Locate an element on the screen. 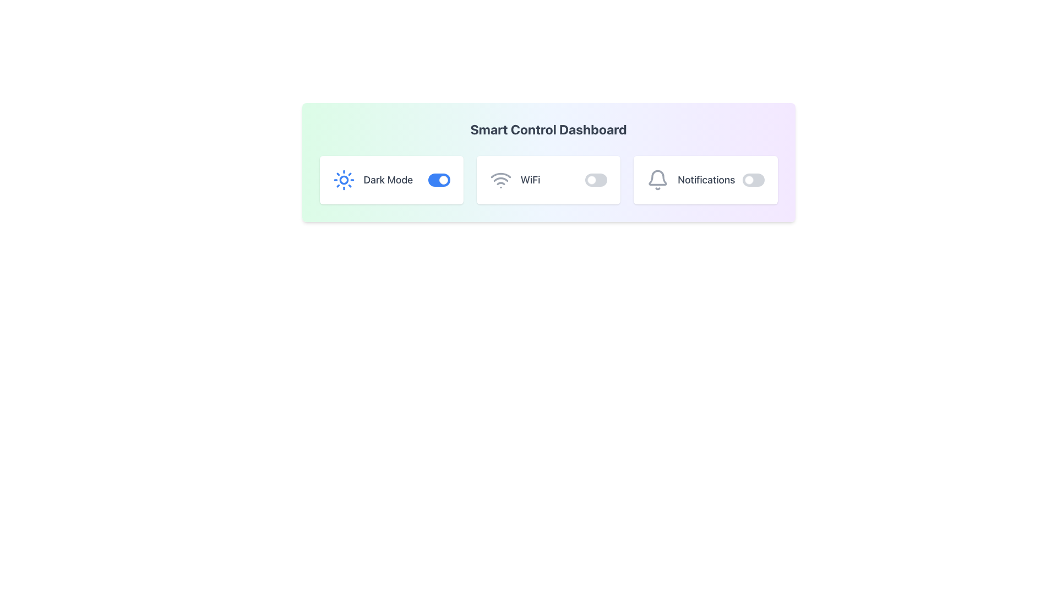 The image size is (1057, 595). the visual state of the Wi-Fi icon located to the left of the text within the 'WiFi' section, adjacent to the switch button is located at coordinates (500, 180).